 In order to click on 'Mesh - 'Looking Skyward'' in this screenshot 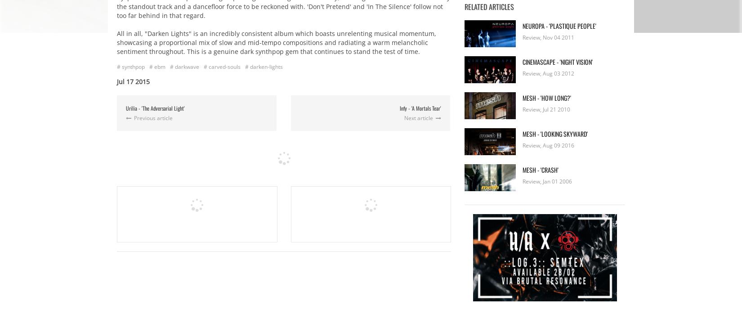, I will do `click(522, 133)`.